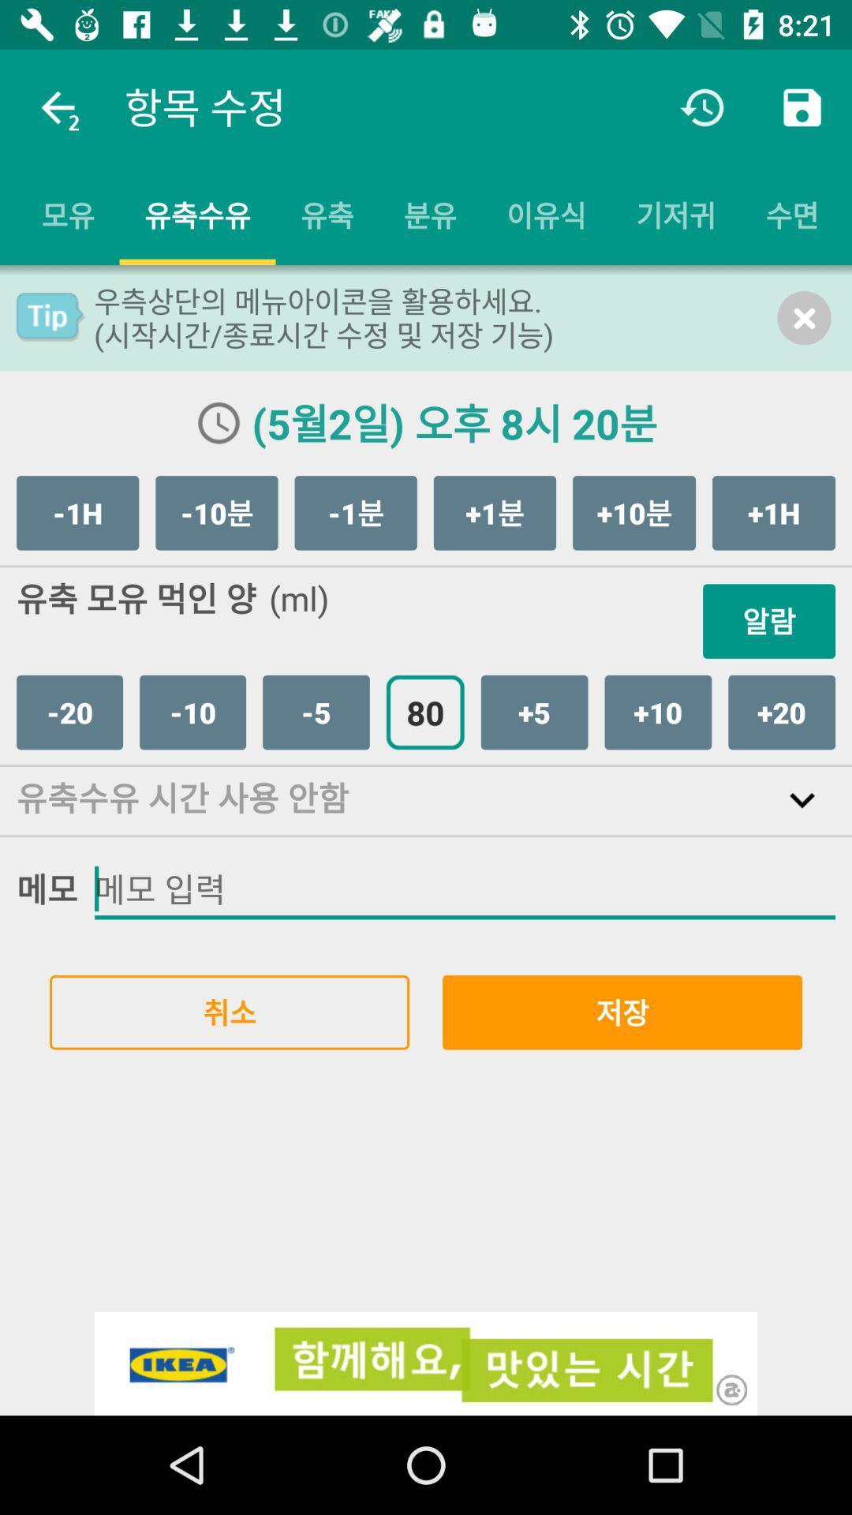 This screenshot has height=1515, width=852. Describe the element at coordinates (534, 711) in the screenshot. I see `5 which is at the left side of 10` at that location.